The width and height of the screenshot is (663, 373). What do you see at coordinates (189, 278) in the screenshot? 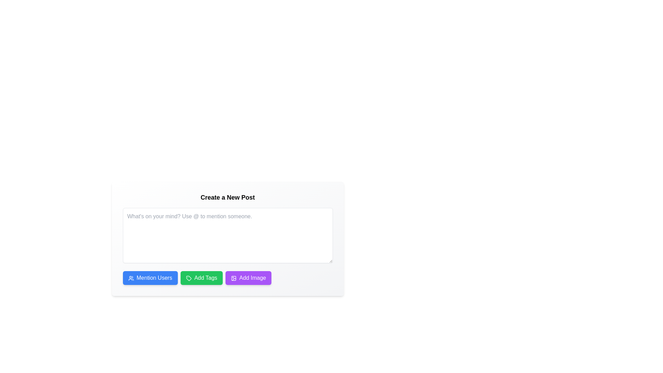
I see `the green tag icon located on the left side of the 'Add Tags' button, which is beneath the 'Create a New Post' text field` at bounding box center [189, 278].